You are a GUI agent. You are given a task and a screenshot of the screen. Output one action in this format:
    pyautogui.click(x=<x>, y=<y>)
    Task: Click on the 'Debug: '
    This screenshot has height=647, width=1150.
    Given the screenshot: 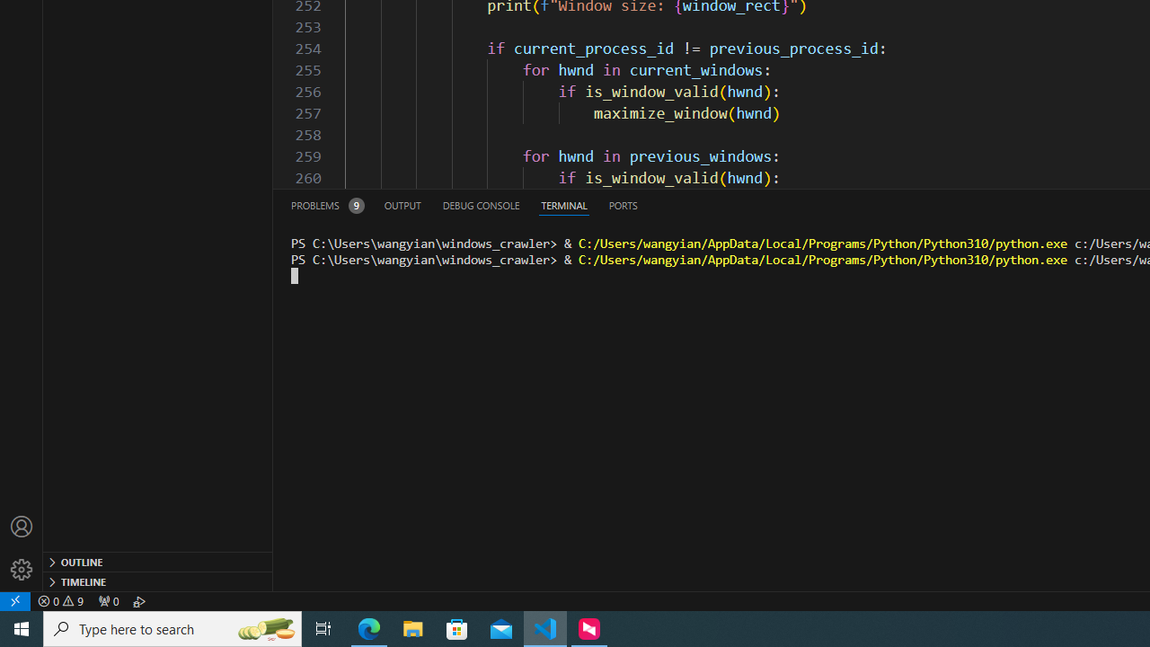 What is the action you would take?
    pyautogui.click(x=138, y=600)
    